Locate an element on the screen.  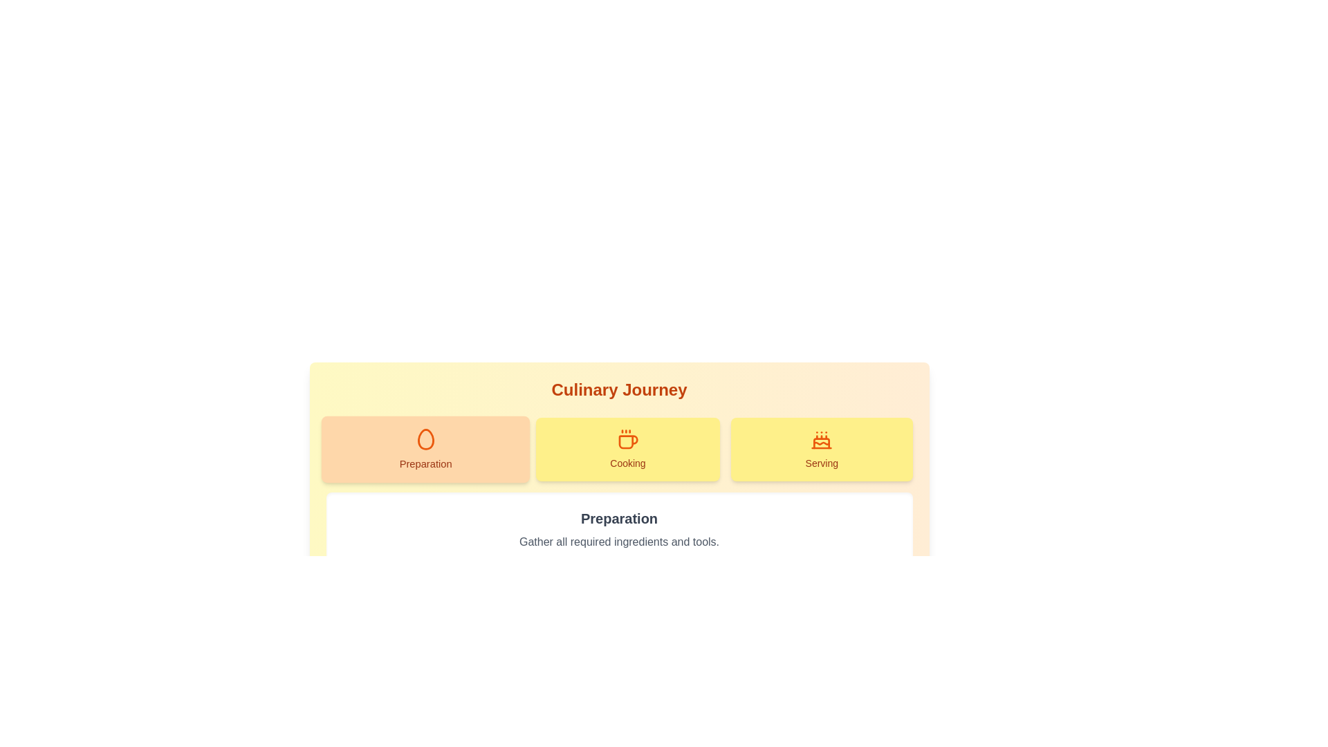
the 'Preparation' button, which is the leftmost of three horizontally arranged cards in the culinary process, to interact with it is located at coordinates (425, 450).